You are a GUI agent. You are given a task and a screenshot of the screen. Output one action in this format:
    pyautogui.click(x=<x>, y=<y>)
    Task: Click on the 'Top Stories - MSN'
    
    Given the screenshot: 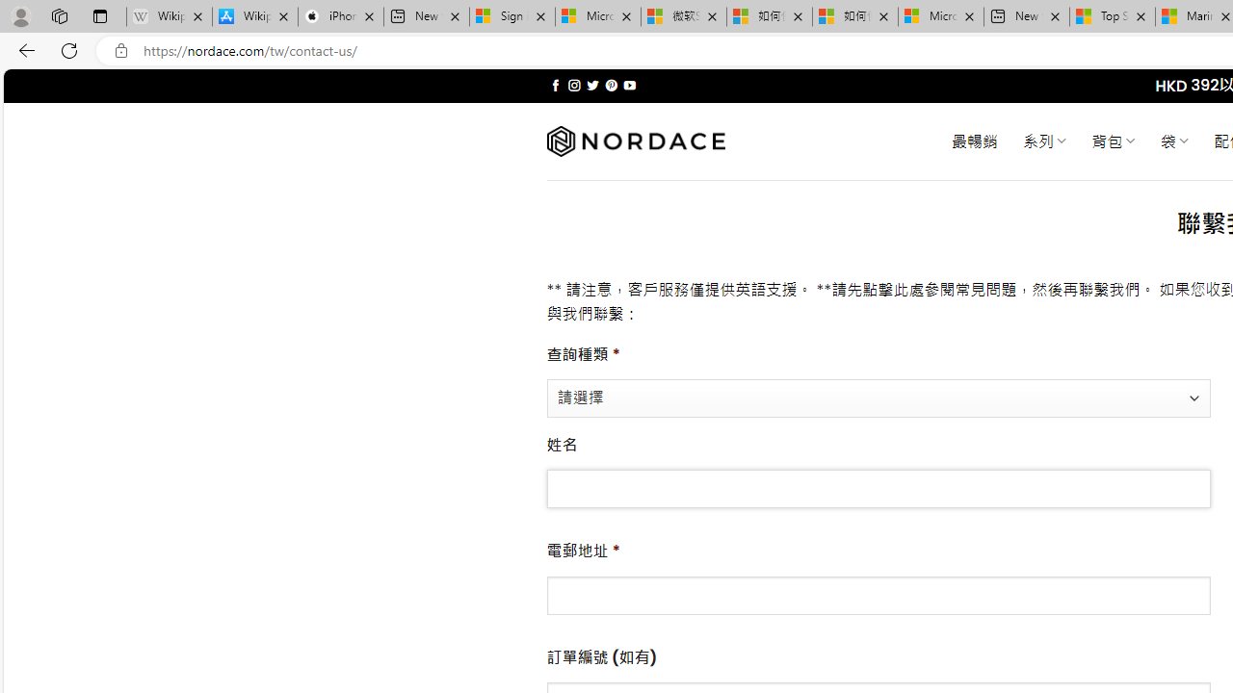 What is the action you would take?
    pyautogui.click(x=1113, y=16)
    